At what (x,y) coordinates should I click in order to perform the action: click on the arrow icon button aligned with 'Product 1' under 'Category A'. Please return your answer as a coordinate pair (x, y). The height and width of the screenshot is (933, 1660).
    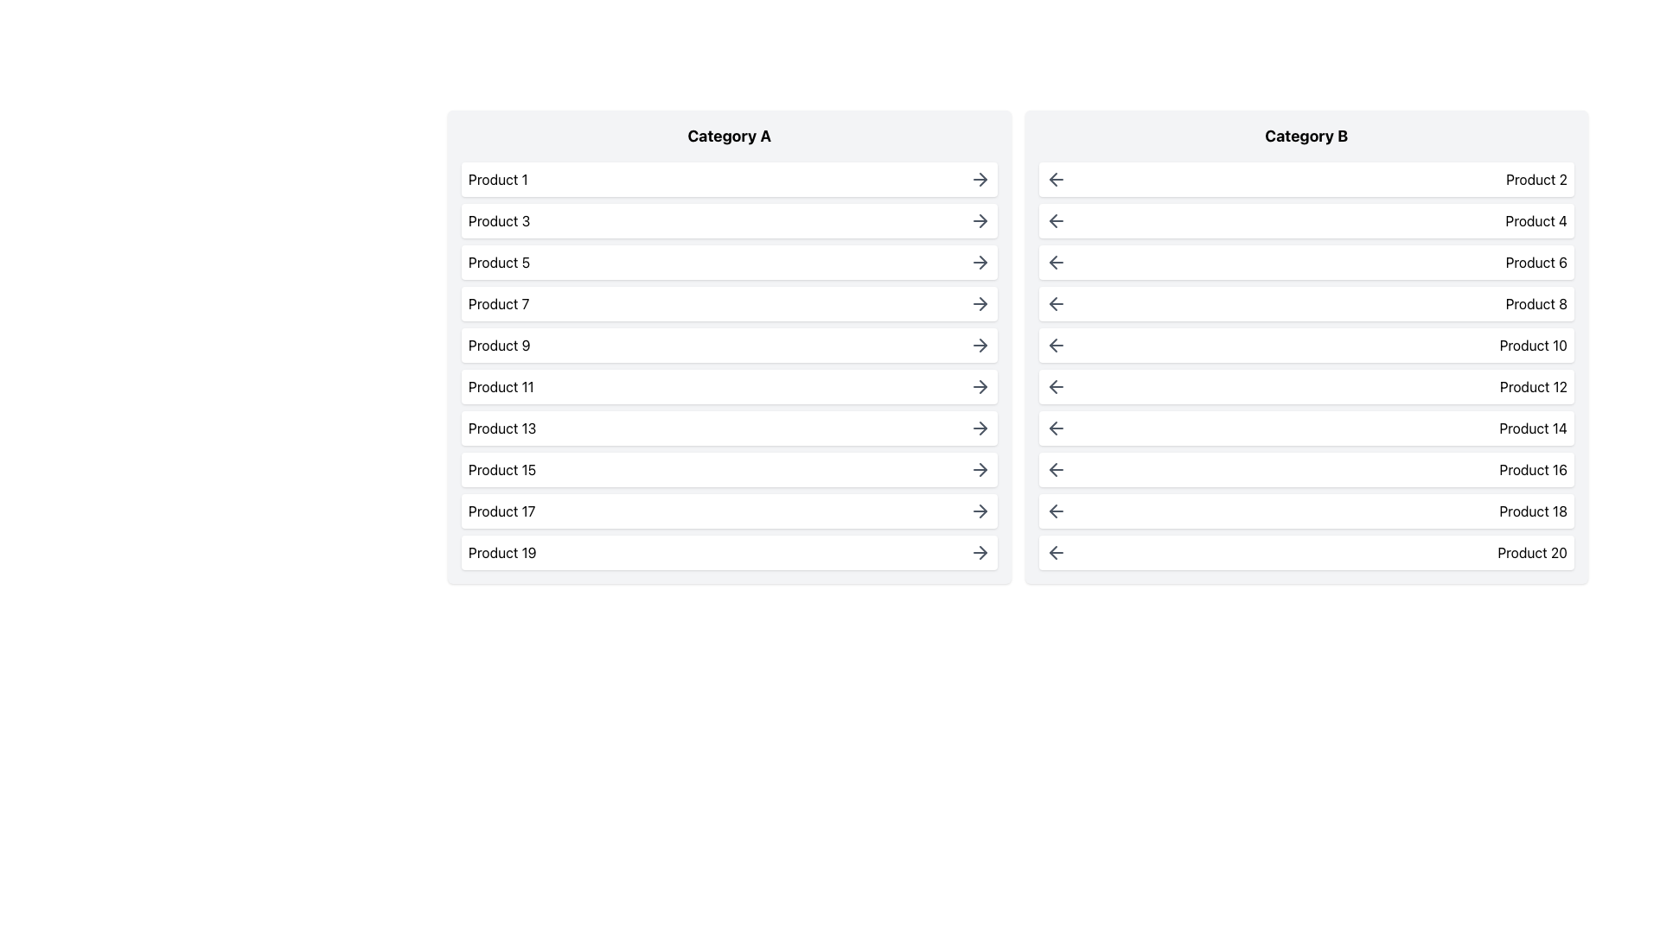
    Looking at the image, I should click on (983, 180).